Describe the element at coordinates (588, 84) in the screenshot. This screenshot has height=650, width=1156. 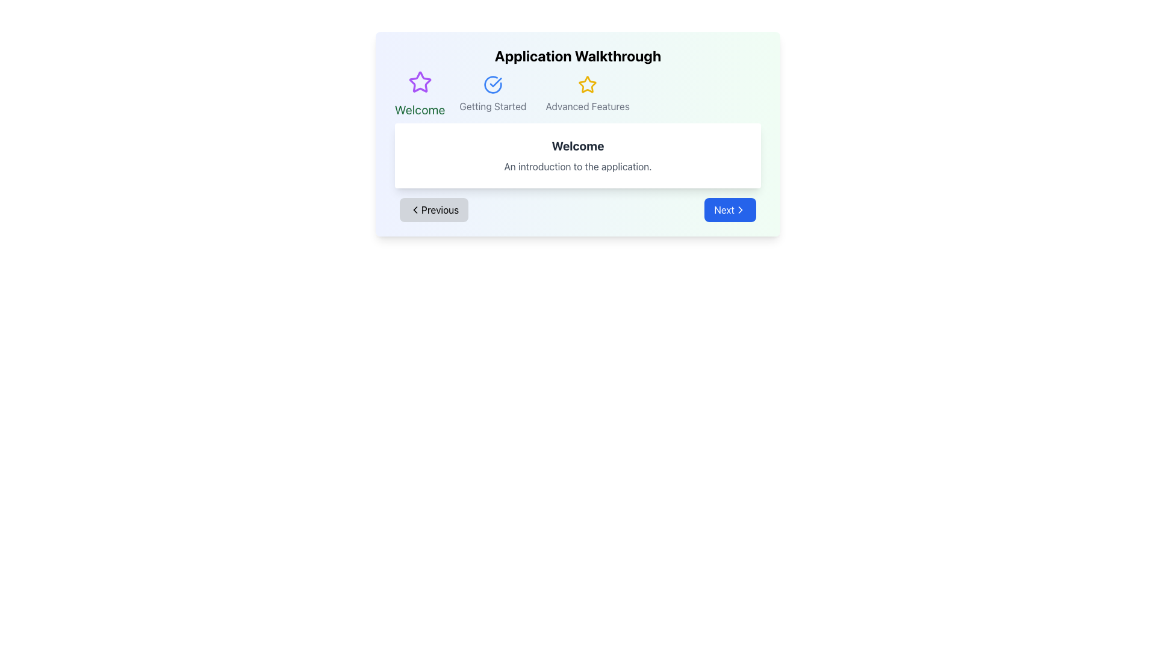
I see `the icon indicating the 'Advanced Features' section in the application walkthrough, located in the top-right section of the header` at that location.